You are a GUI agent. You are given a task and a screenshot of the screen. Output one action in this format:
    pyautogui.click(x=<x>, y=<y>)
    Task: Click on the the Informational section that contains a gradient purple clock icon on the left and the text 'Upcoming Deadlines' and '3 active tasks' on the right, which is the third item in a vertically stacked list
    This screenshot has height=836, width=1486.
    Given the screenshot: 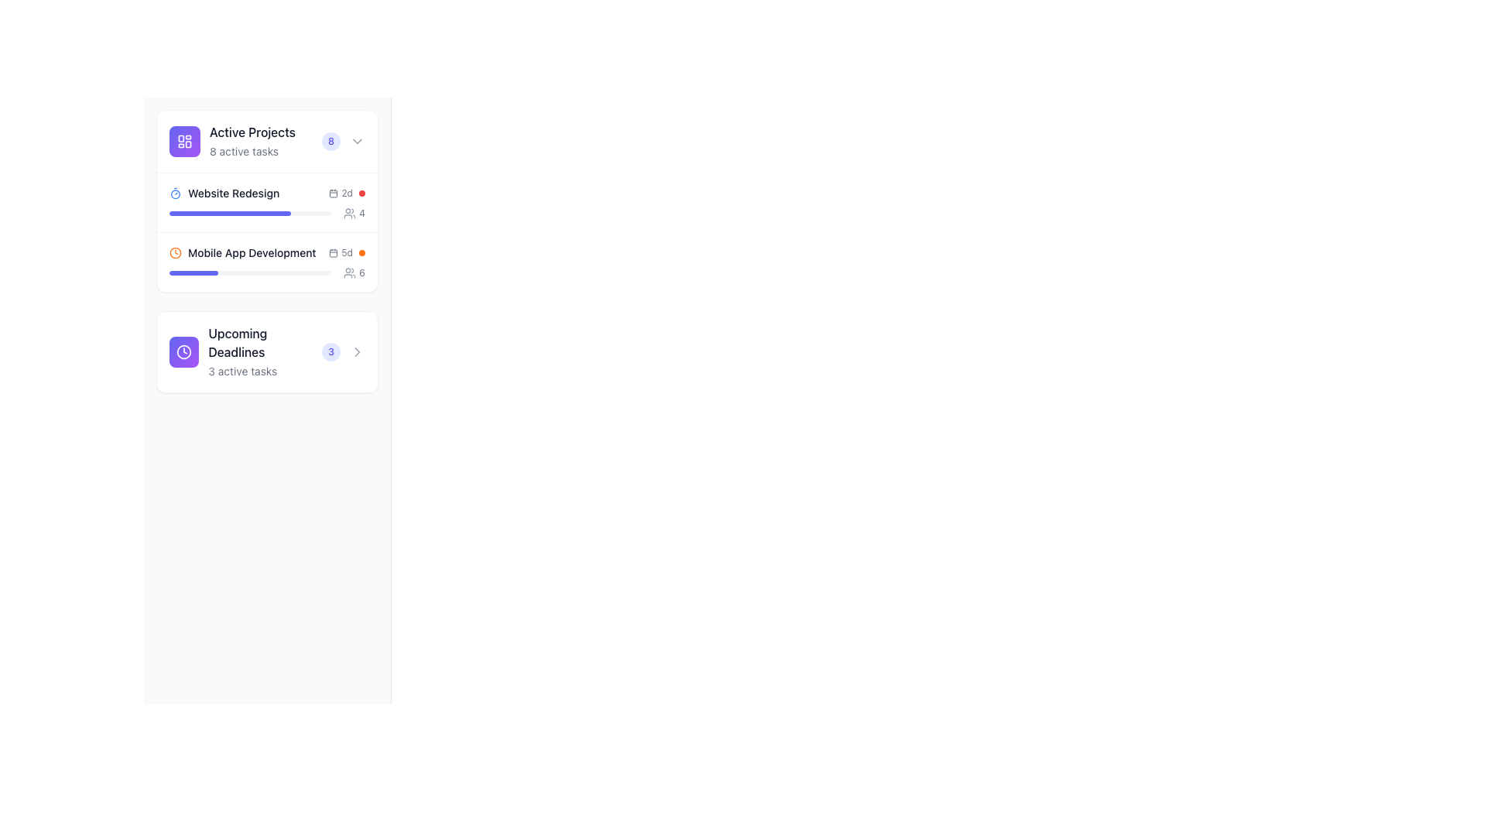 What is the action you would take?
    pyautogui.click(x=245, y=352)
    